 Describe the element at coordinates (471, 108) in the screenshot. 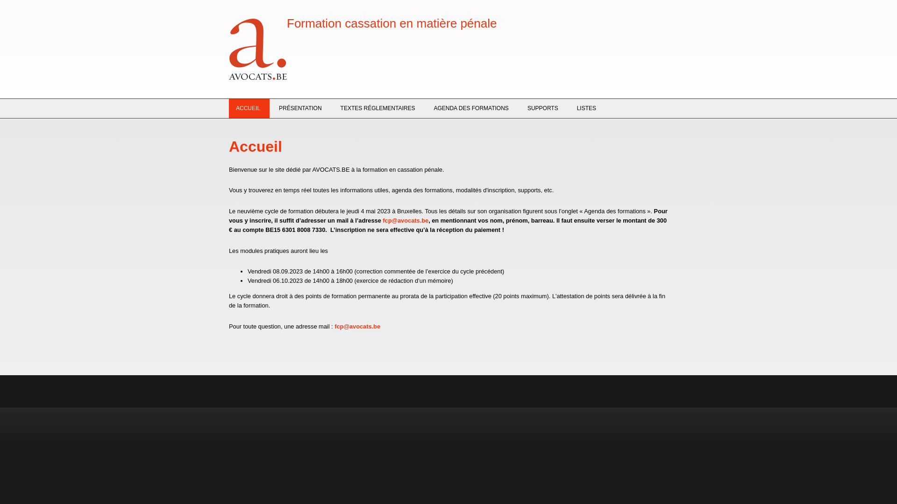

I see `'AGENDA DES FORMATIONS'` at that location.